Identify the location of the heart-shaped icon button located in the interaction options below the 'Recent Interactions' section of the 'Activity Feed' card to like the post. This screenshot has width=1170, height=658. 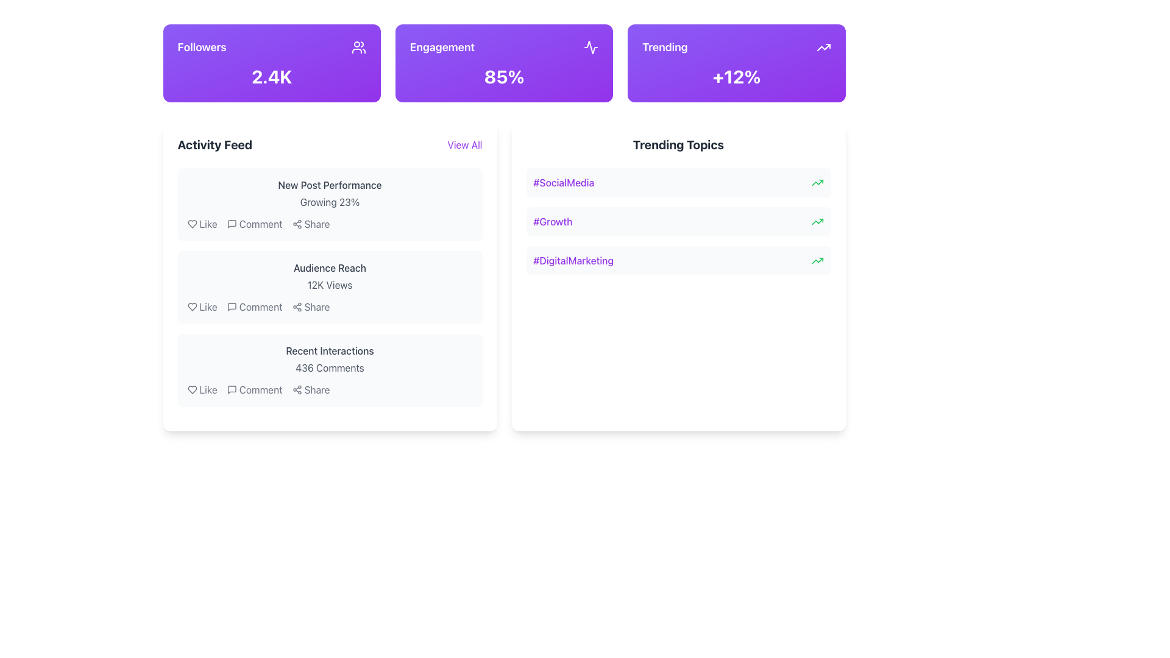
(191, 390).